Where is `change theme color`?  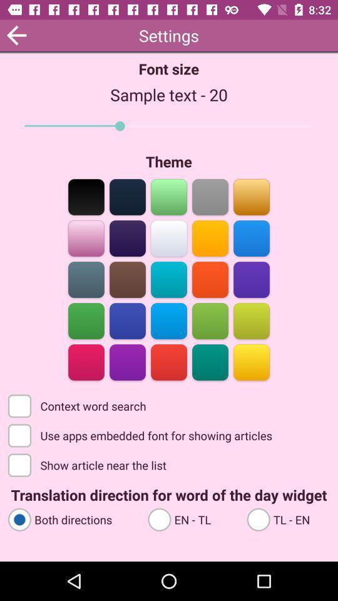
change theme color is located at coordinates (127, 196).